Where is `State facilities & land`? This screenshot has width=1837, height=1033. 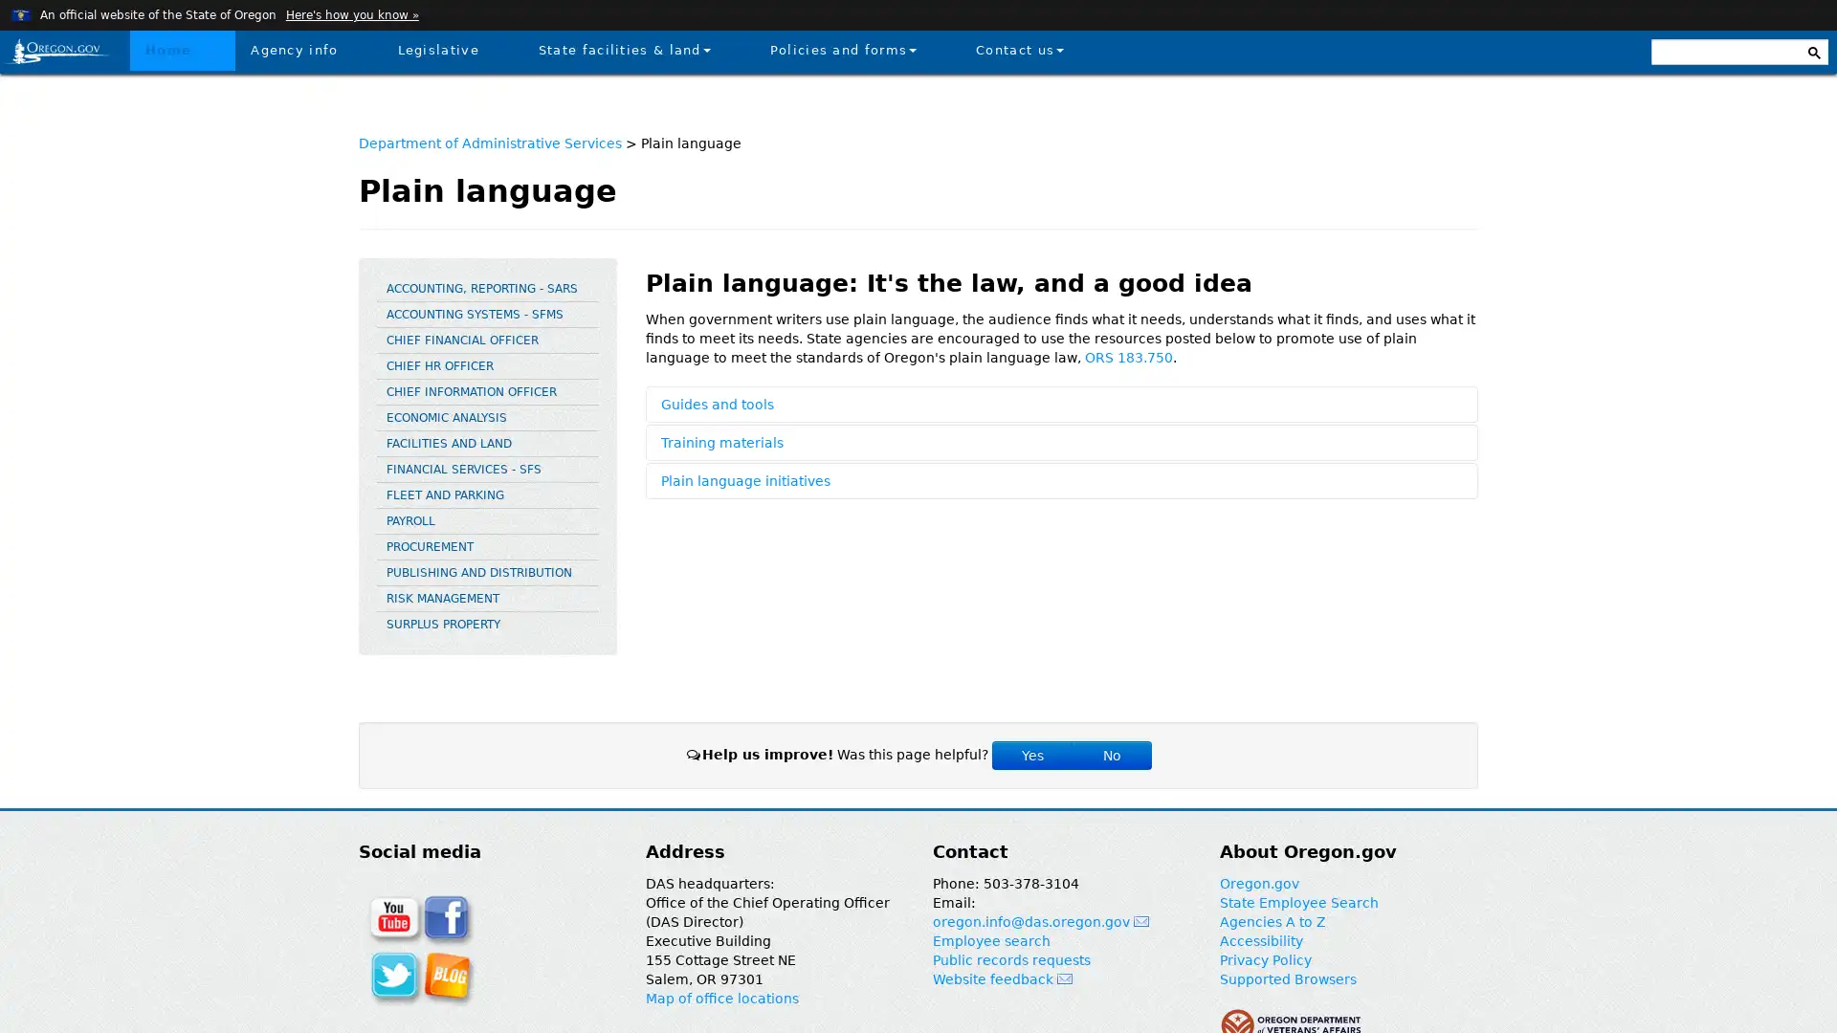 State facilities & land is located at coordinates (624, 48).